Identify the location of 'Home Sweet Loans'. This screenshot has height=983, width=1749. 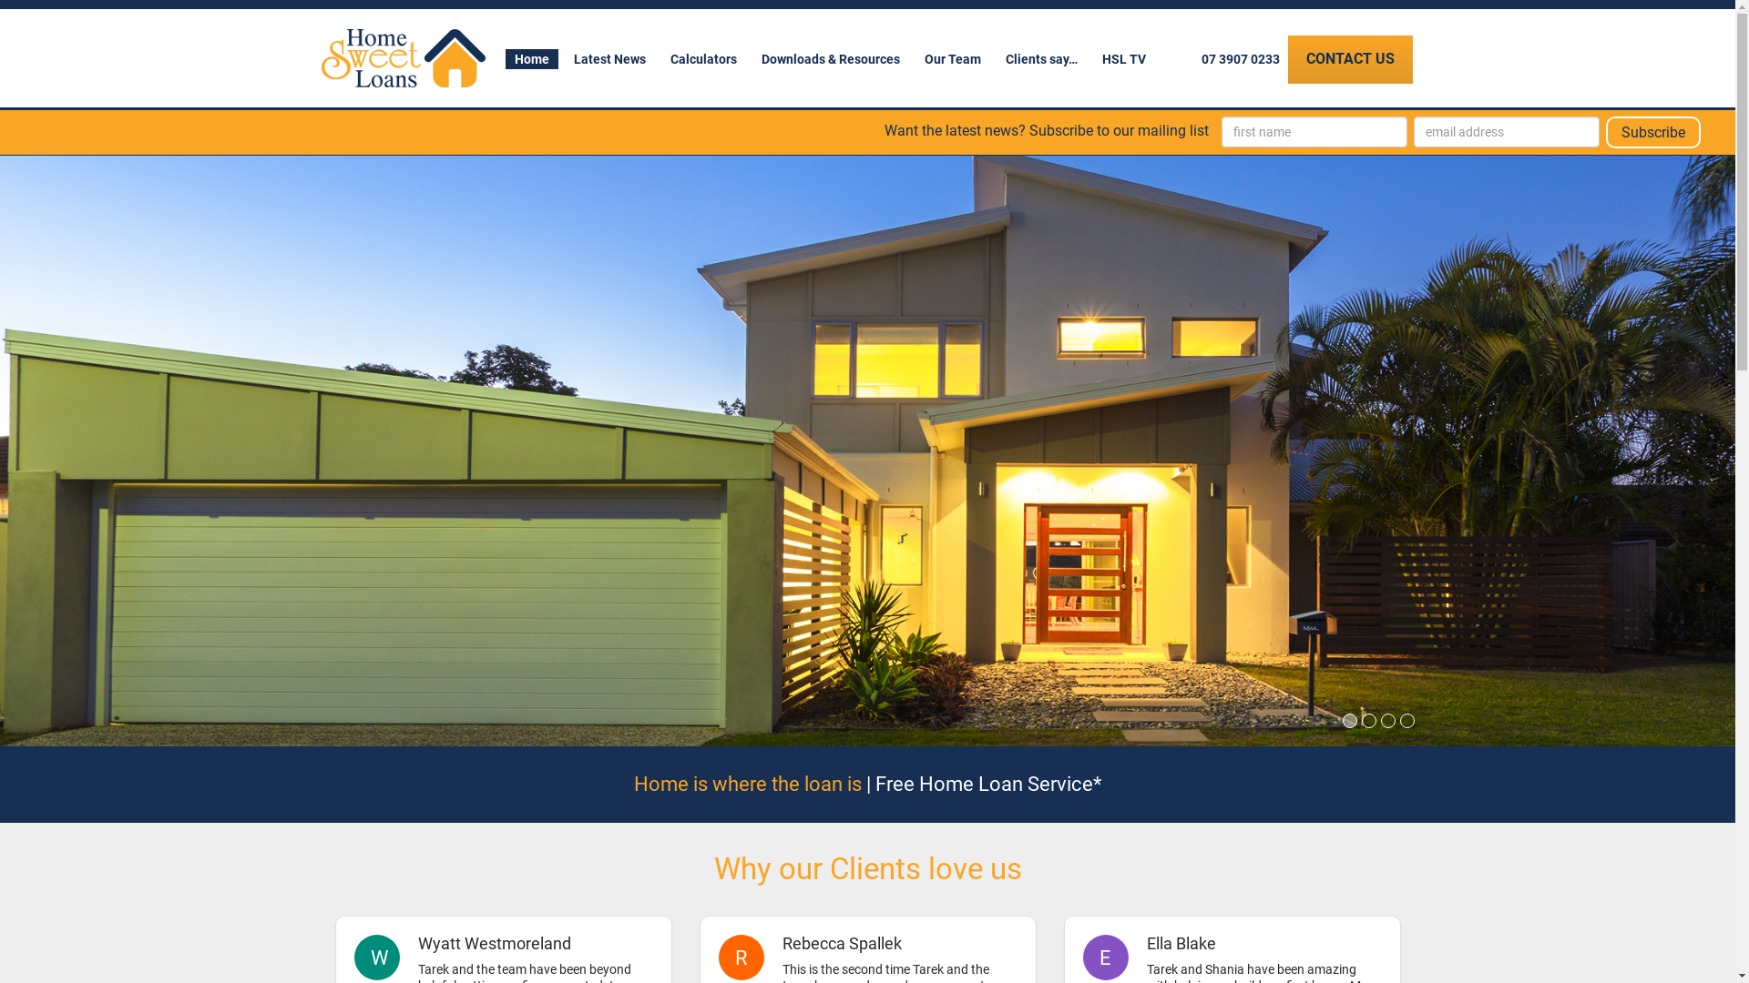
(401, 57).